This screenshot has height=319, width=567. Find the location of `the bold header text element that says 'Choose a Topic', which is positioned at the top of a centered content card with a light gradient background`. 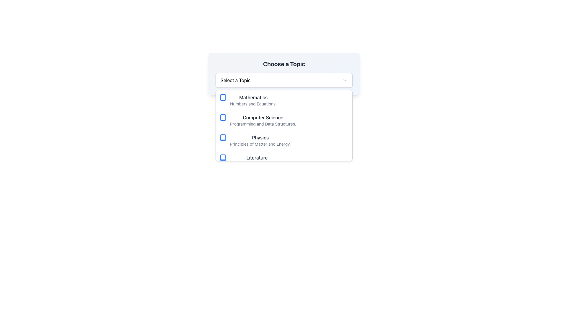

the bold header text element that says 'Choose a Topic', which is positioned at the top of a centered content card with a light gradient background is located at coordinates (284, 64).